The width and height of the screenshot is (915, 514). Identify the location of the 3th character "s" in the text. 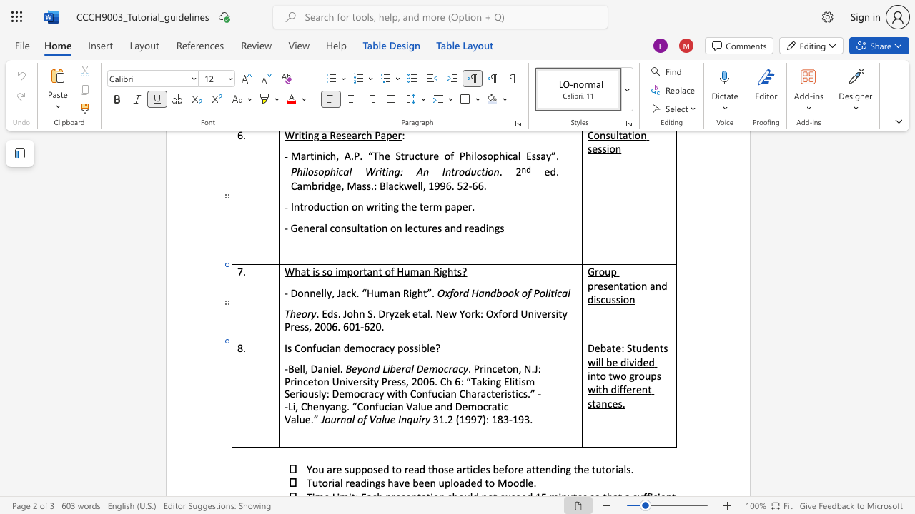
(459, 271).